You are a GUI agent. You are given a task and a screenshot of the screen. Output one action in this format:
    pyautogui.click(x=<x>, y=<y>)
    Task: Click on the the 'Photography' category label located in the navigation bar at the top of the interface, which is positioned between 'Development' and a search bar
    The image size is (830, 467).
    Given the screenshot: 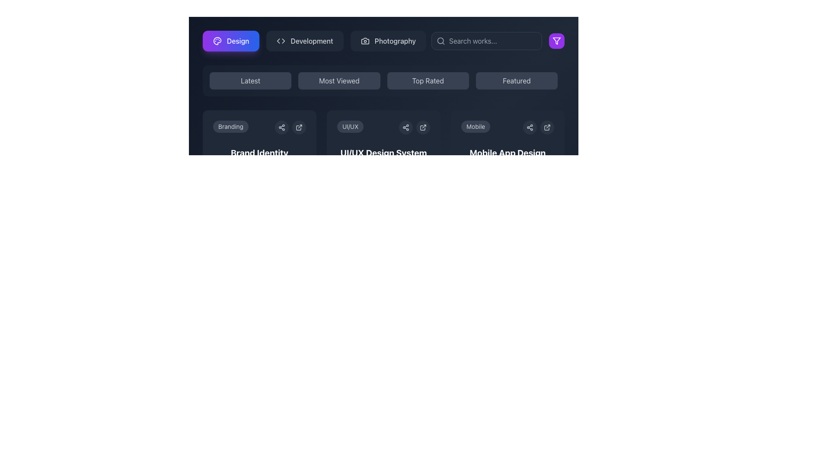 What is the action you would take?
    pyautogui.click(x=395, y=41)
    